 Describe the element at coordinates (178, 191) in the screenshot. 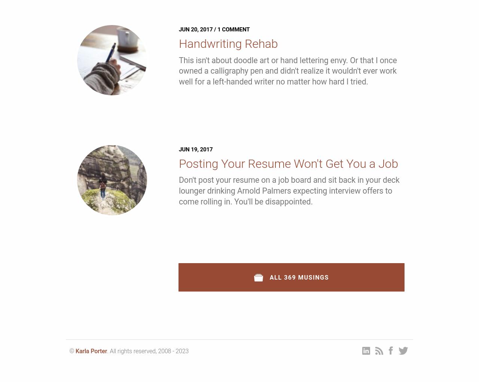

I see `'Don't post your resume on a job board and sit back in your deck lounger drinking Arnold Palmers expecting interview offers to come rolling in. You'll be disappointed.'` at that location.